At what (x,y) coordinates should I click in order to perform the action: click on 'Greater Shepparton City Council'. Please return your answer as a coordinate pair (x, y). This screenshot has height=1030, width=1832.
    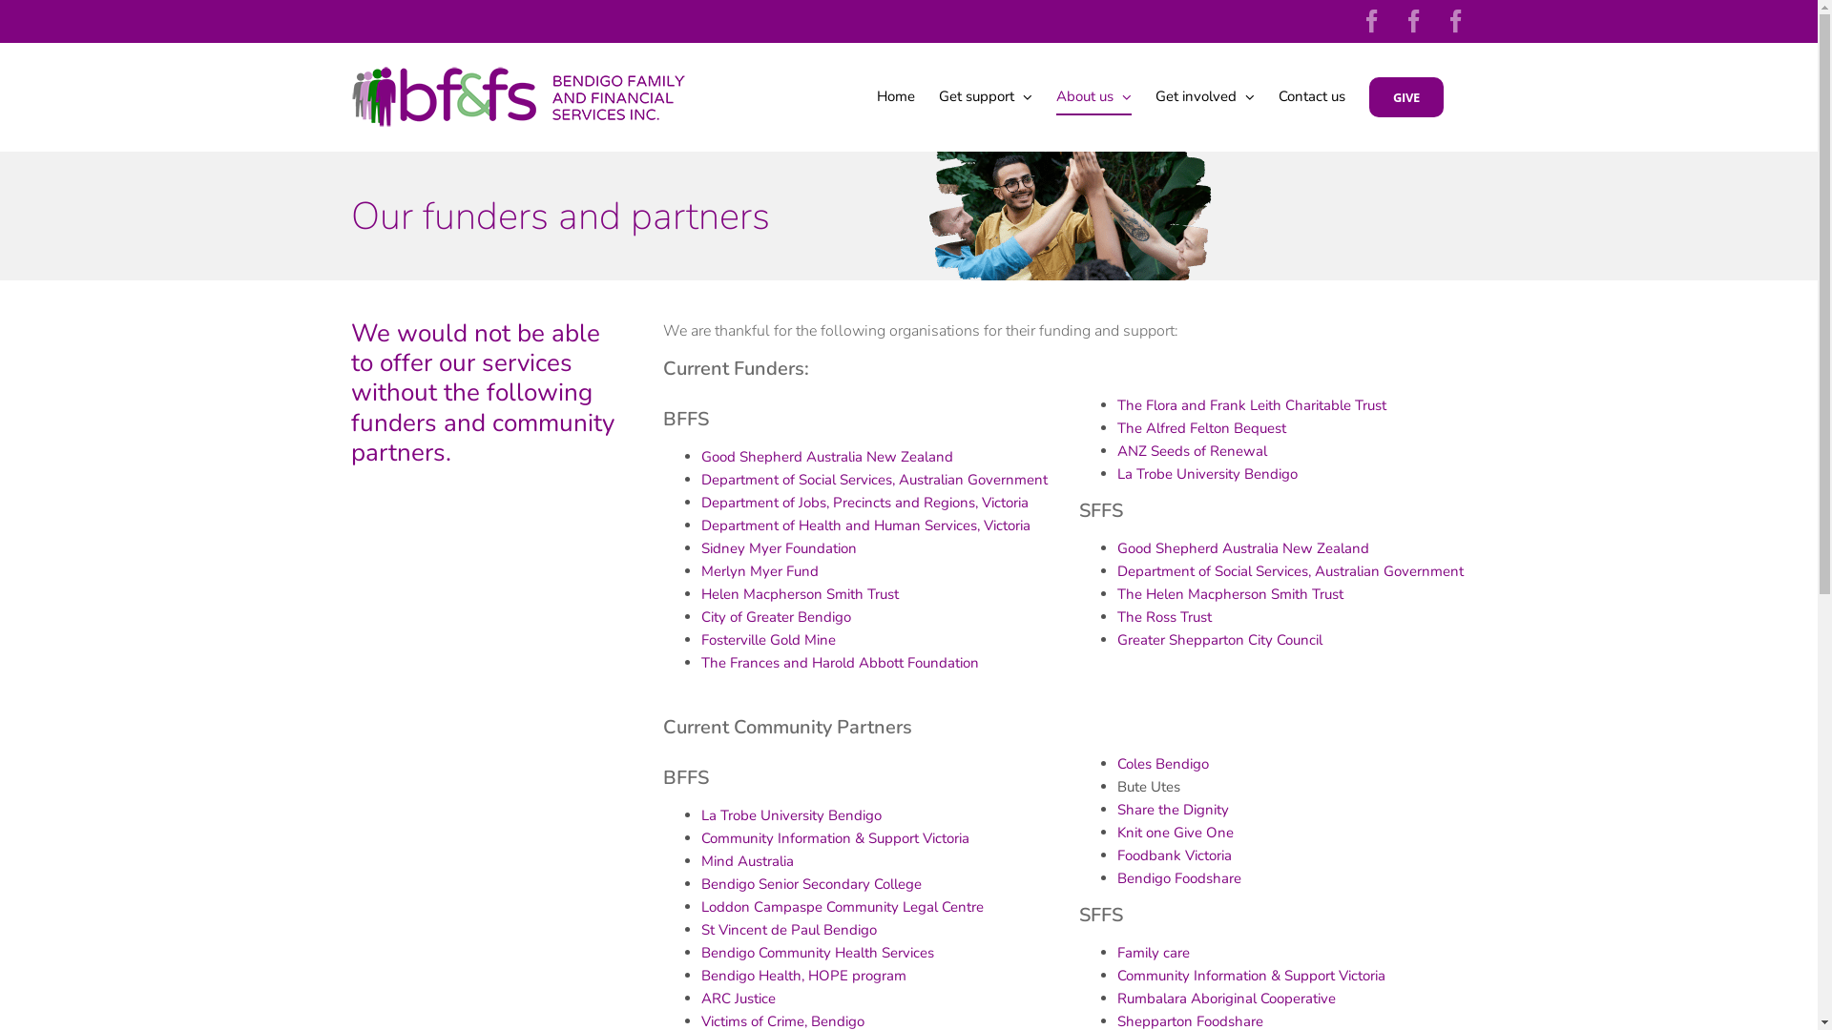
    Looking at the image, I should click on (1218, 640).